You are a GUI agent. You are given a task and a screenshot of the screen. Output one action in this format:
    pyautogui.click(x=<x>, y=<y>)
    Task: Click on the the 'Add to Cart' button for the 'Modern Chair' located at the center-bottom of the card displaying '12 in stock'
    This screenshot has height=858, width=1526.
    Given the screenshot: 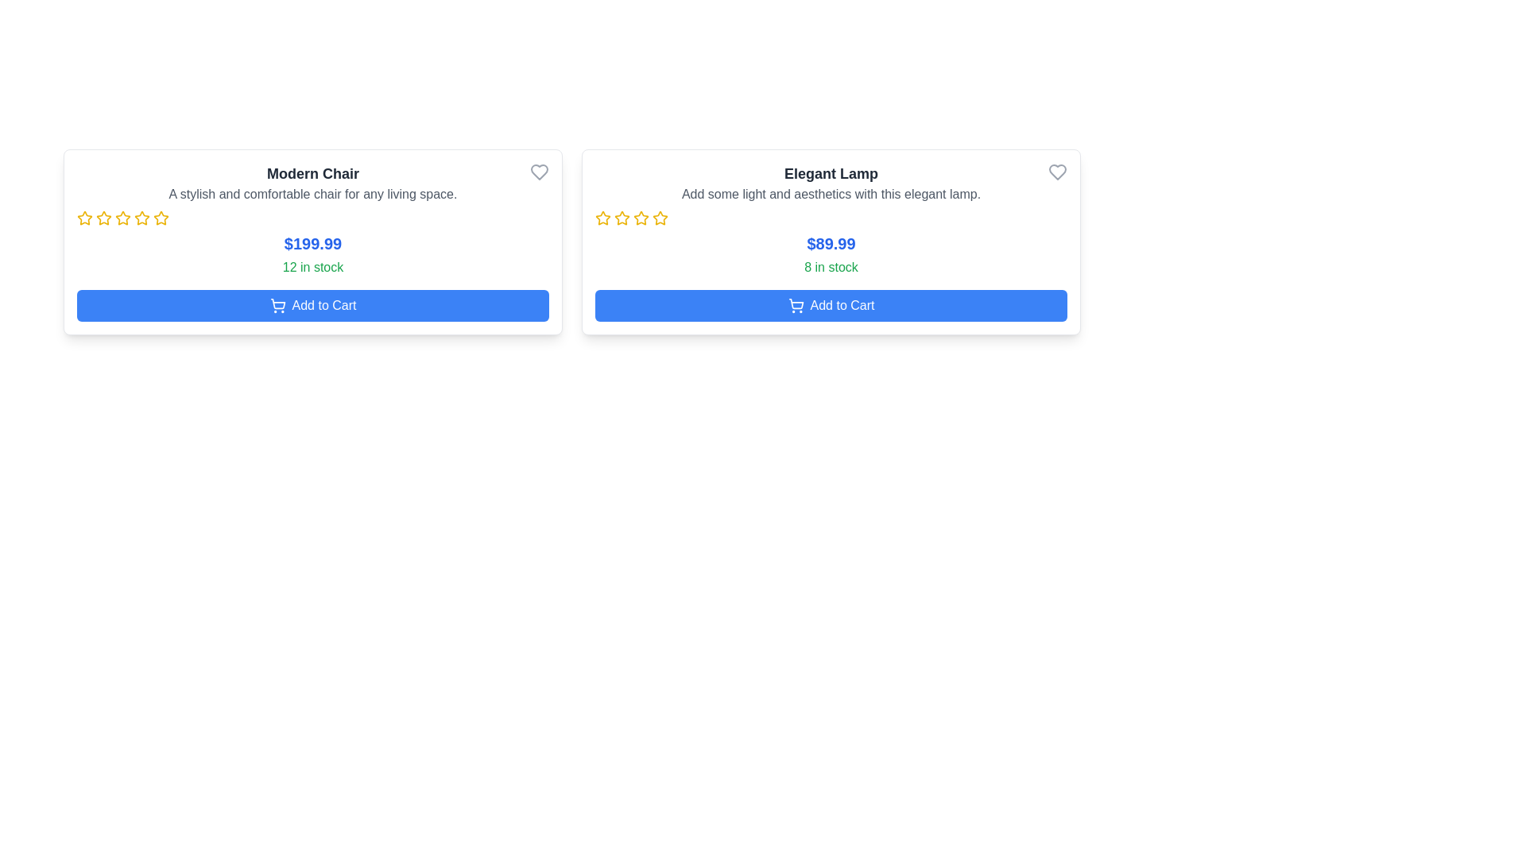 What is the action you would take?
    pyautogui.click(x=312, y=306)
    